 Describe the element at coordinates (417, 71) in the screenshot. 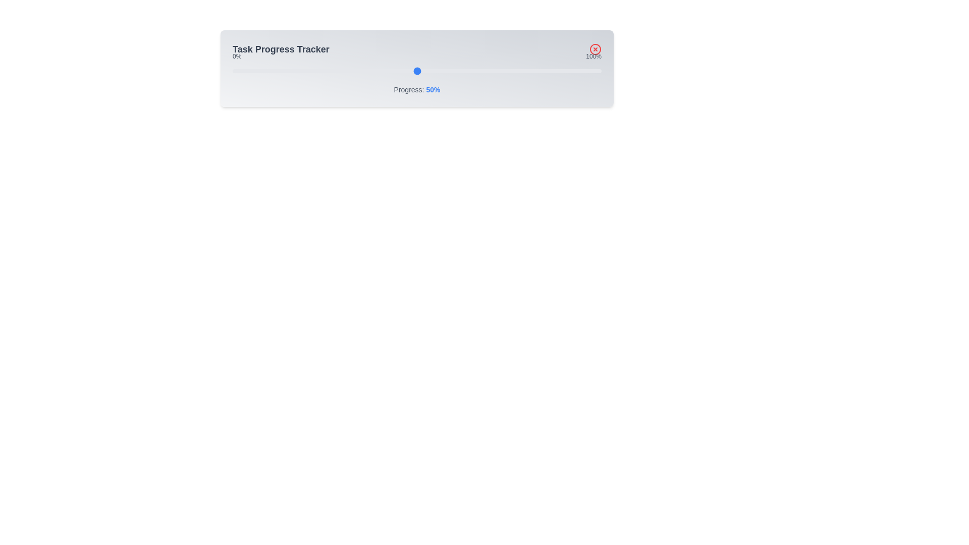

I see `the thumb of the slider control, which is used to select a value from 0 to 100, positioned centrally between the labels '0%' and '100%` at that location.